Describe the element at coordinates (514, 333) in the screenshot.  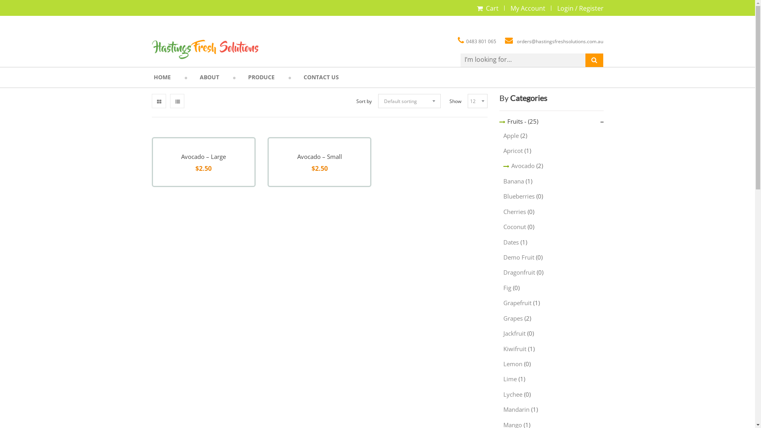
I see `'Jackfruit'` at that location.